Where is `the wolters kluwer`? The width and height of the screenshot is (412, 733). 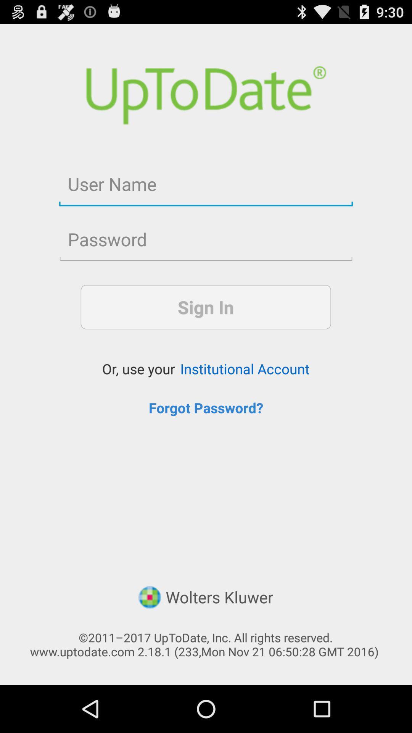 the wolters kluwer is located at coordinates (205, 597).